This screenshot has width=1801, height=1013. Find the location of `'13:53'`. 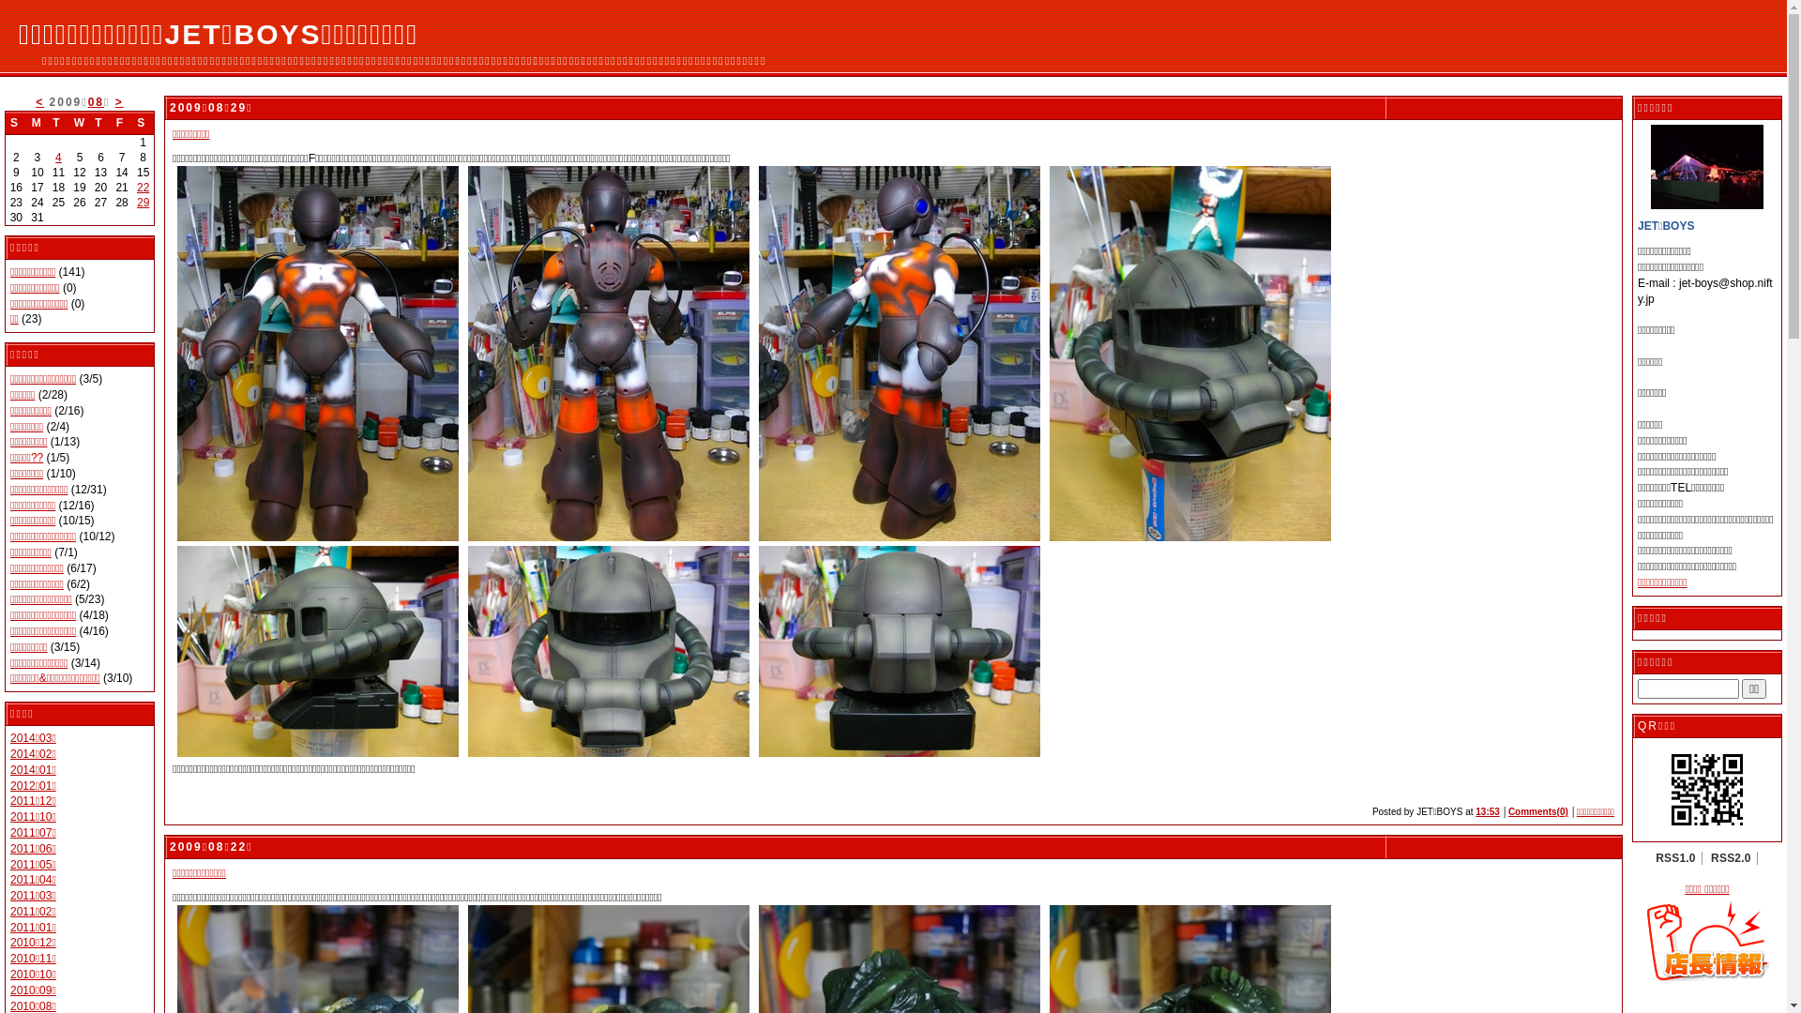

'13:53' is located at coordinates (1486, 810).